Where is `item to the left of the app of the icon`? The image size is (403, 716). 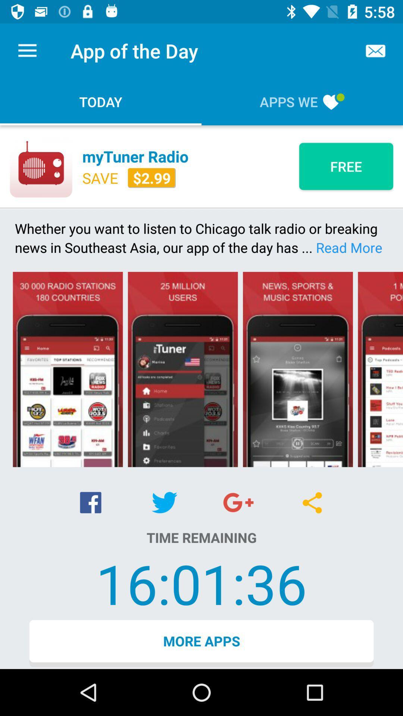 item to the left of the app of the icon is located at coordinates (27, 50).